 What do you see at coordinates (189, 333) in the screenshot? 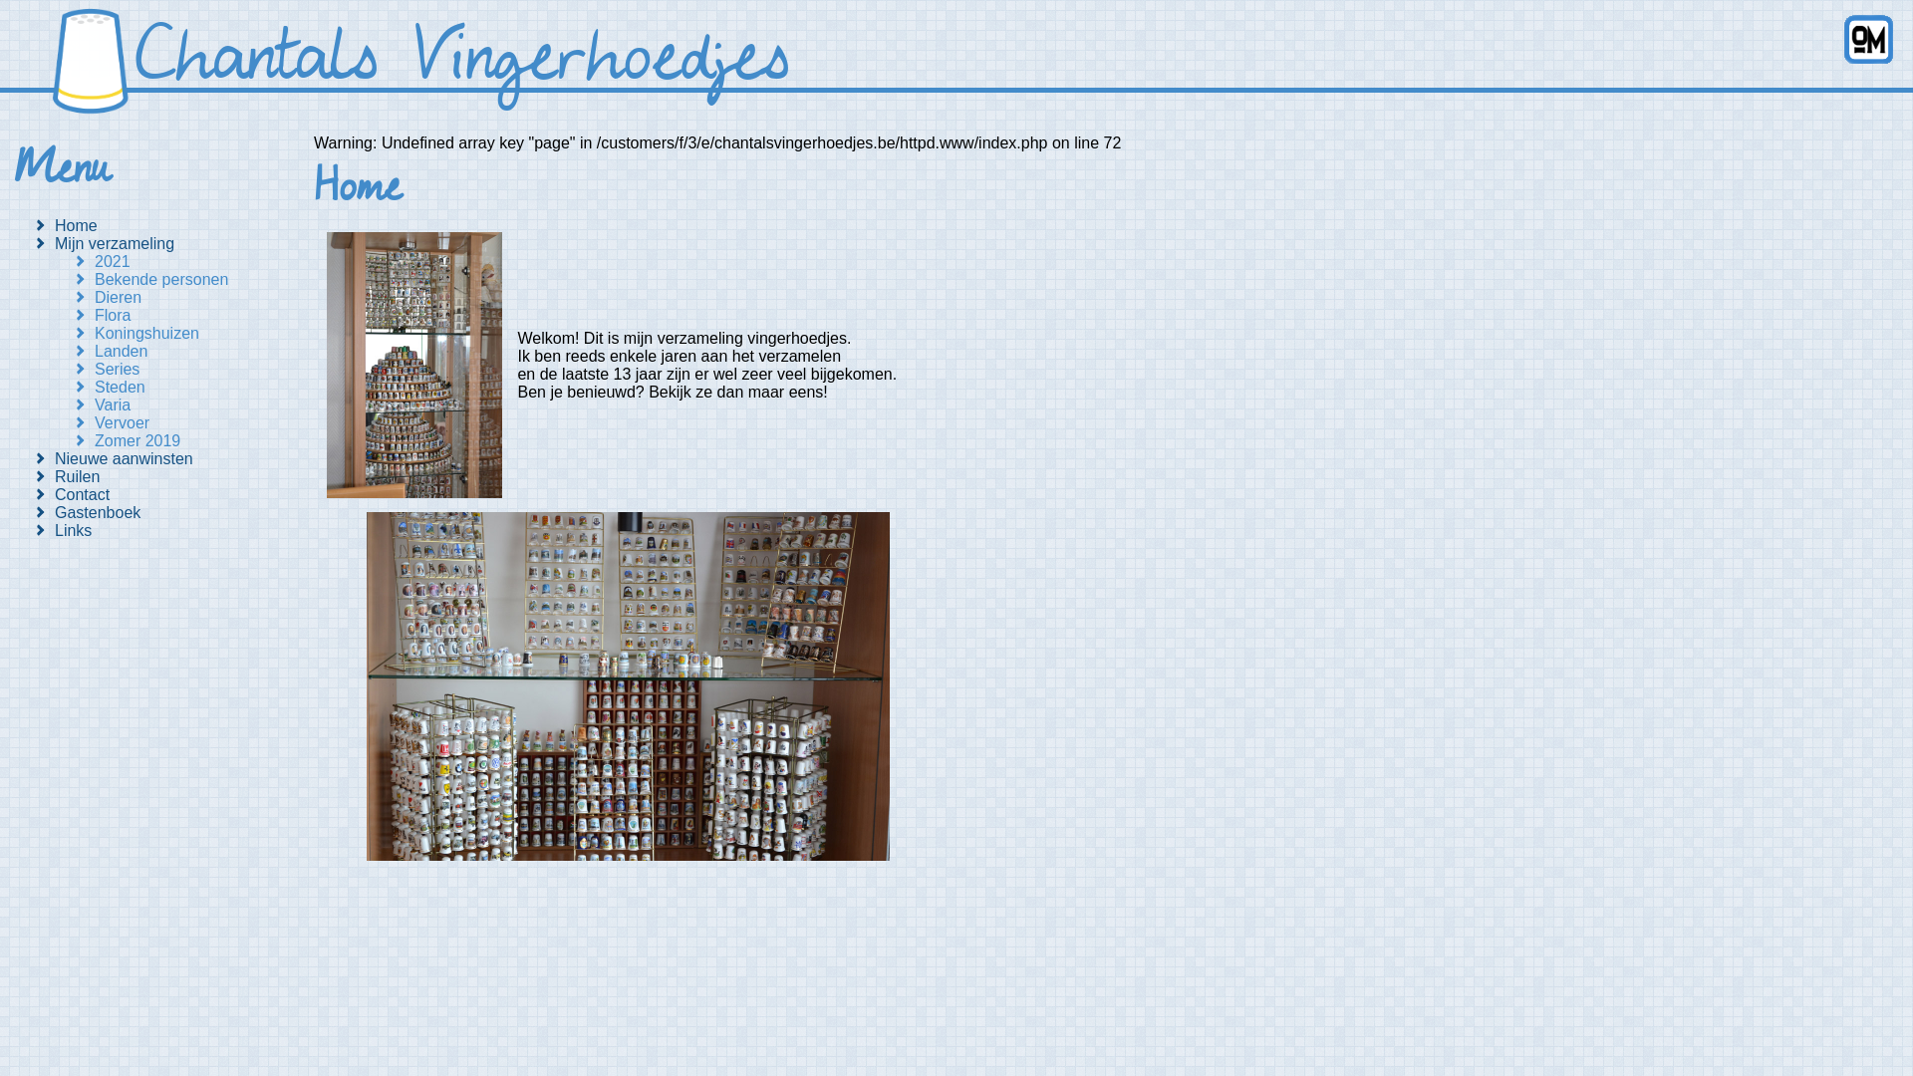
I see `'Koningshuizen'` at bounding box center [189, 333].